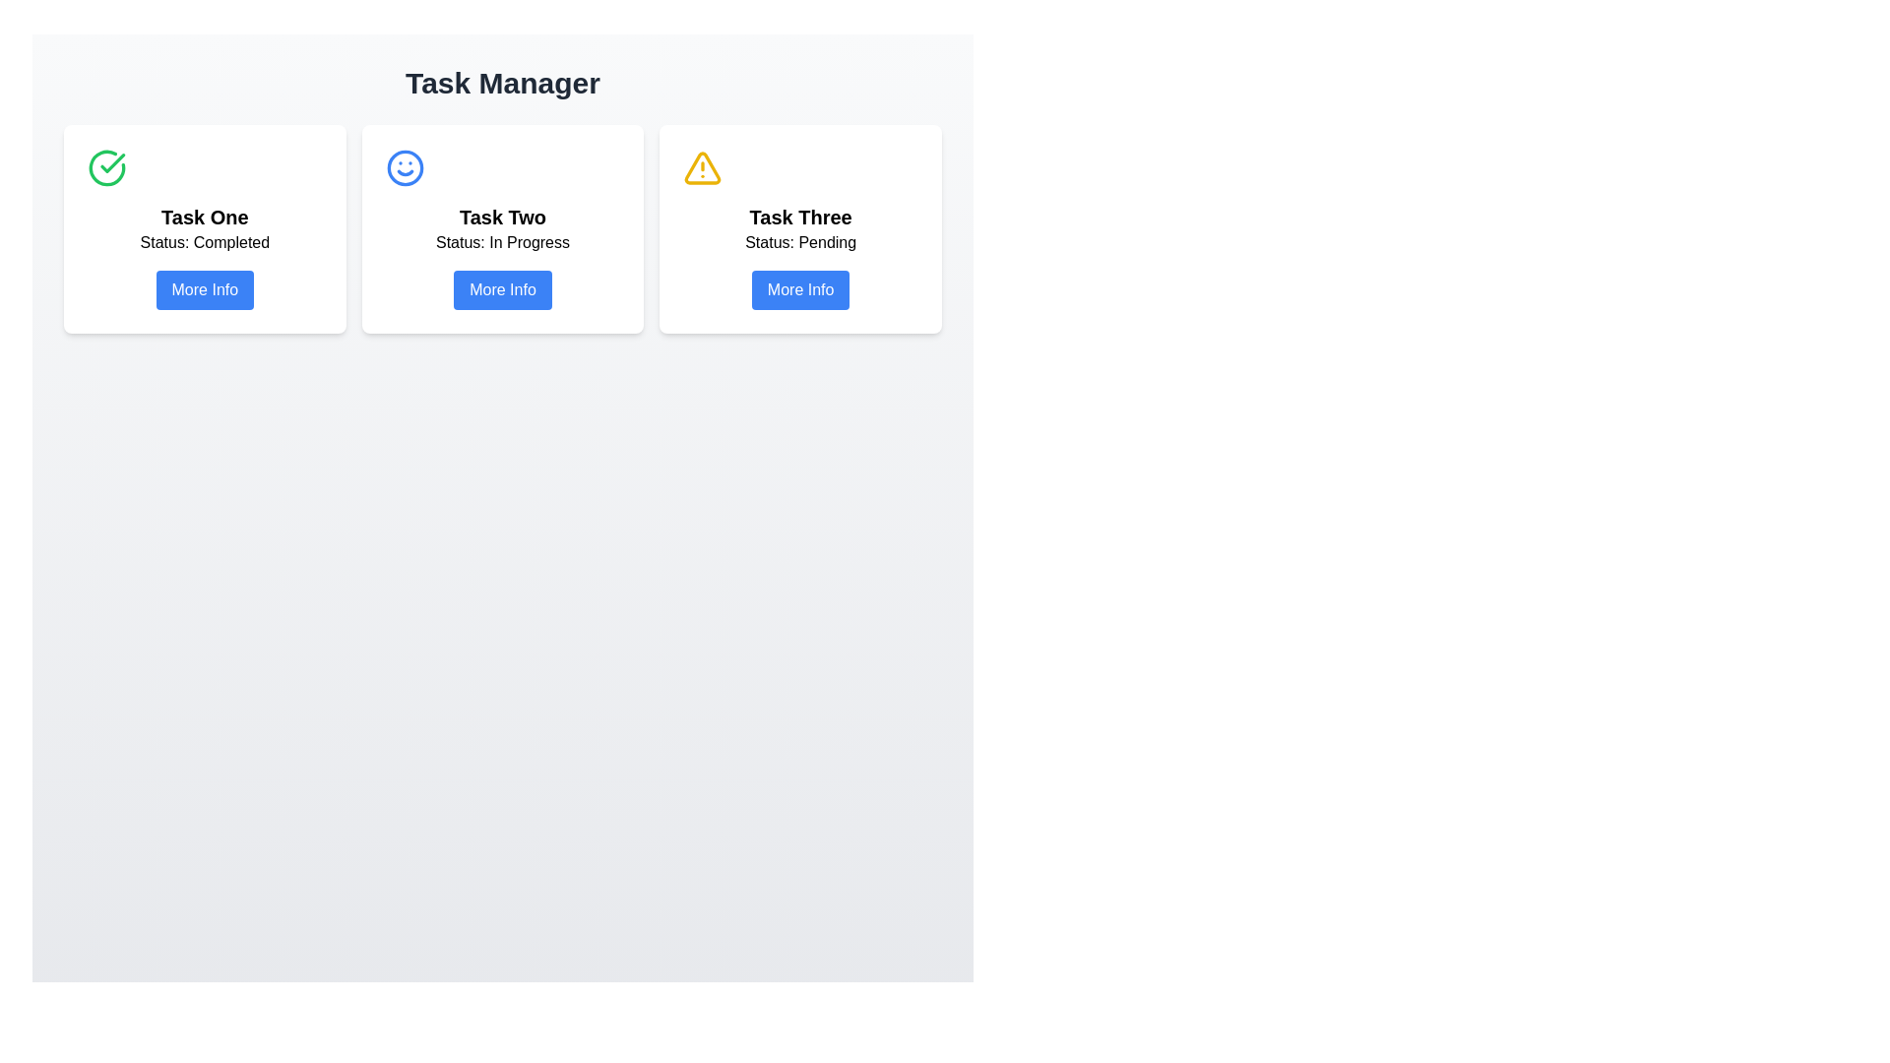  Describe the element at coordinates (703, 166) in the screenshot. I see `the warning icon located at the top-left corner of the 'Task Three' card, indicating an alert state for this task` at that location.